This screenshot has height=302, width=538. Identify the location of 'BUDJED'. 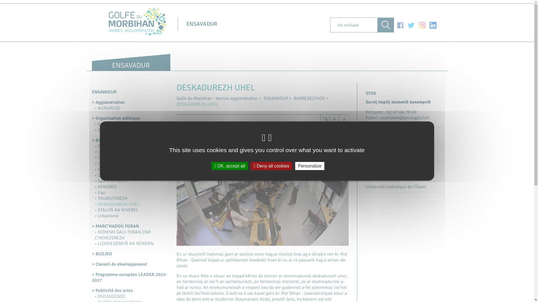
(102, 254).